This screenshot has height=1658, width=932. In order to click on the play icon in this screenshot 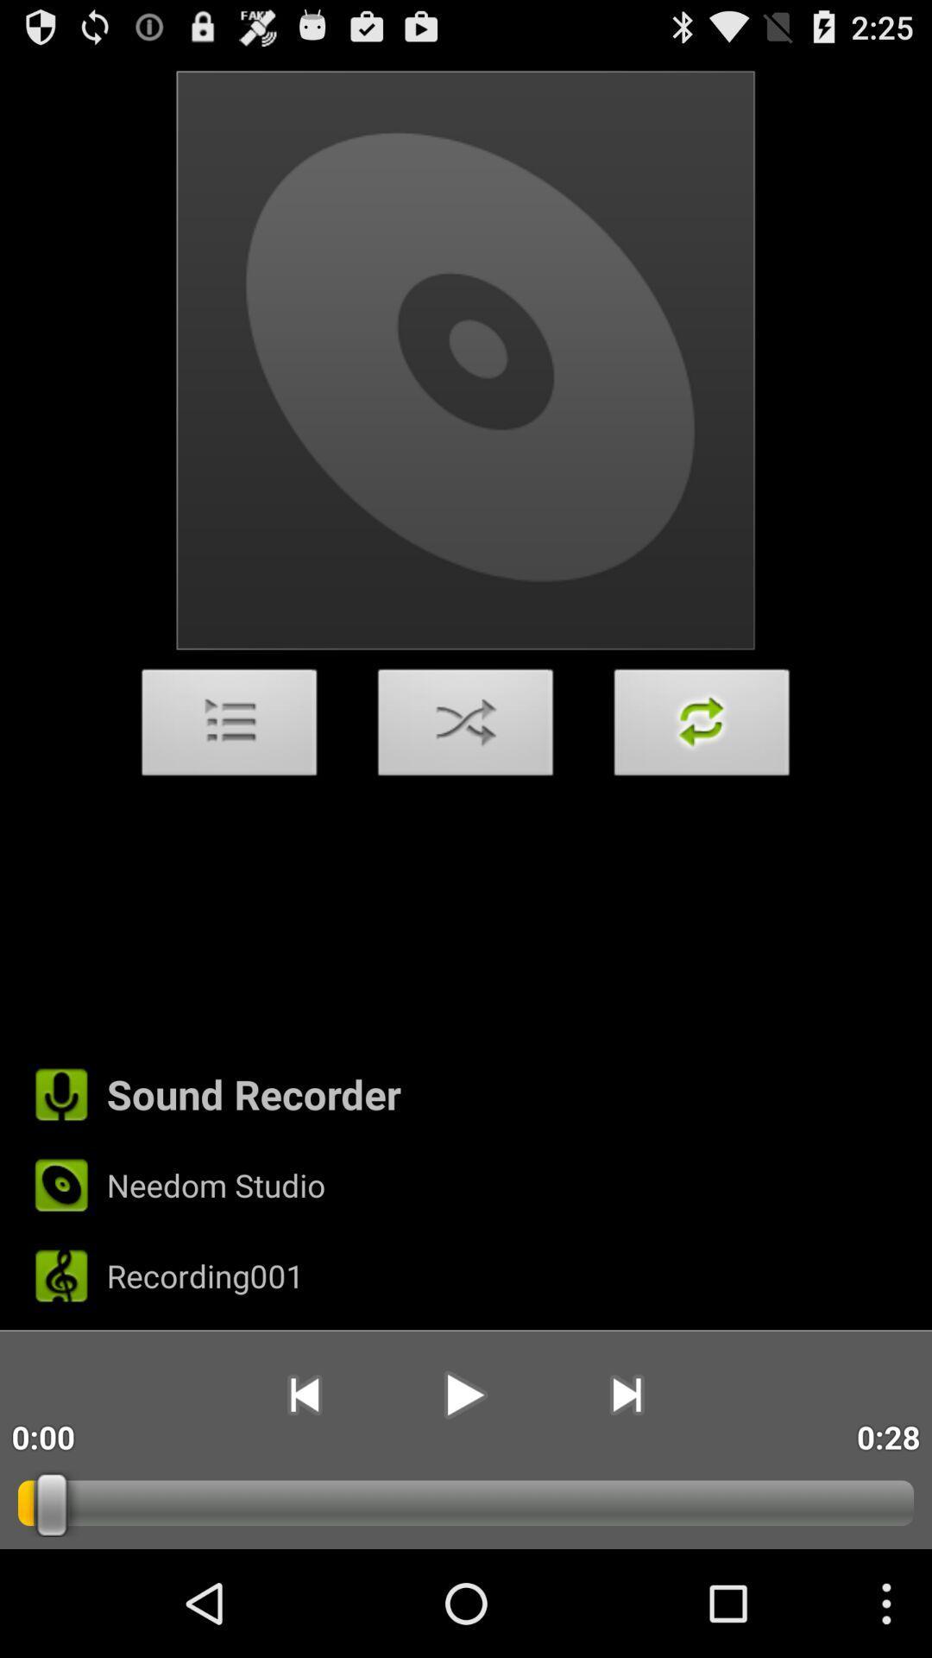, I will do `click(464, 1491)`.